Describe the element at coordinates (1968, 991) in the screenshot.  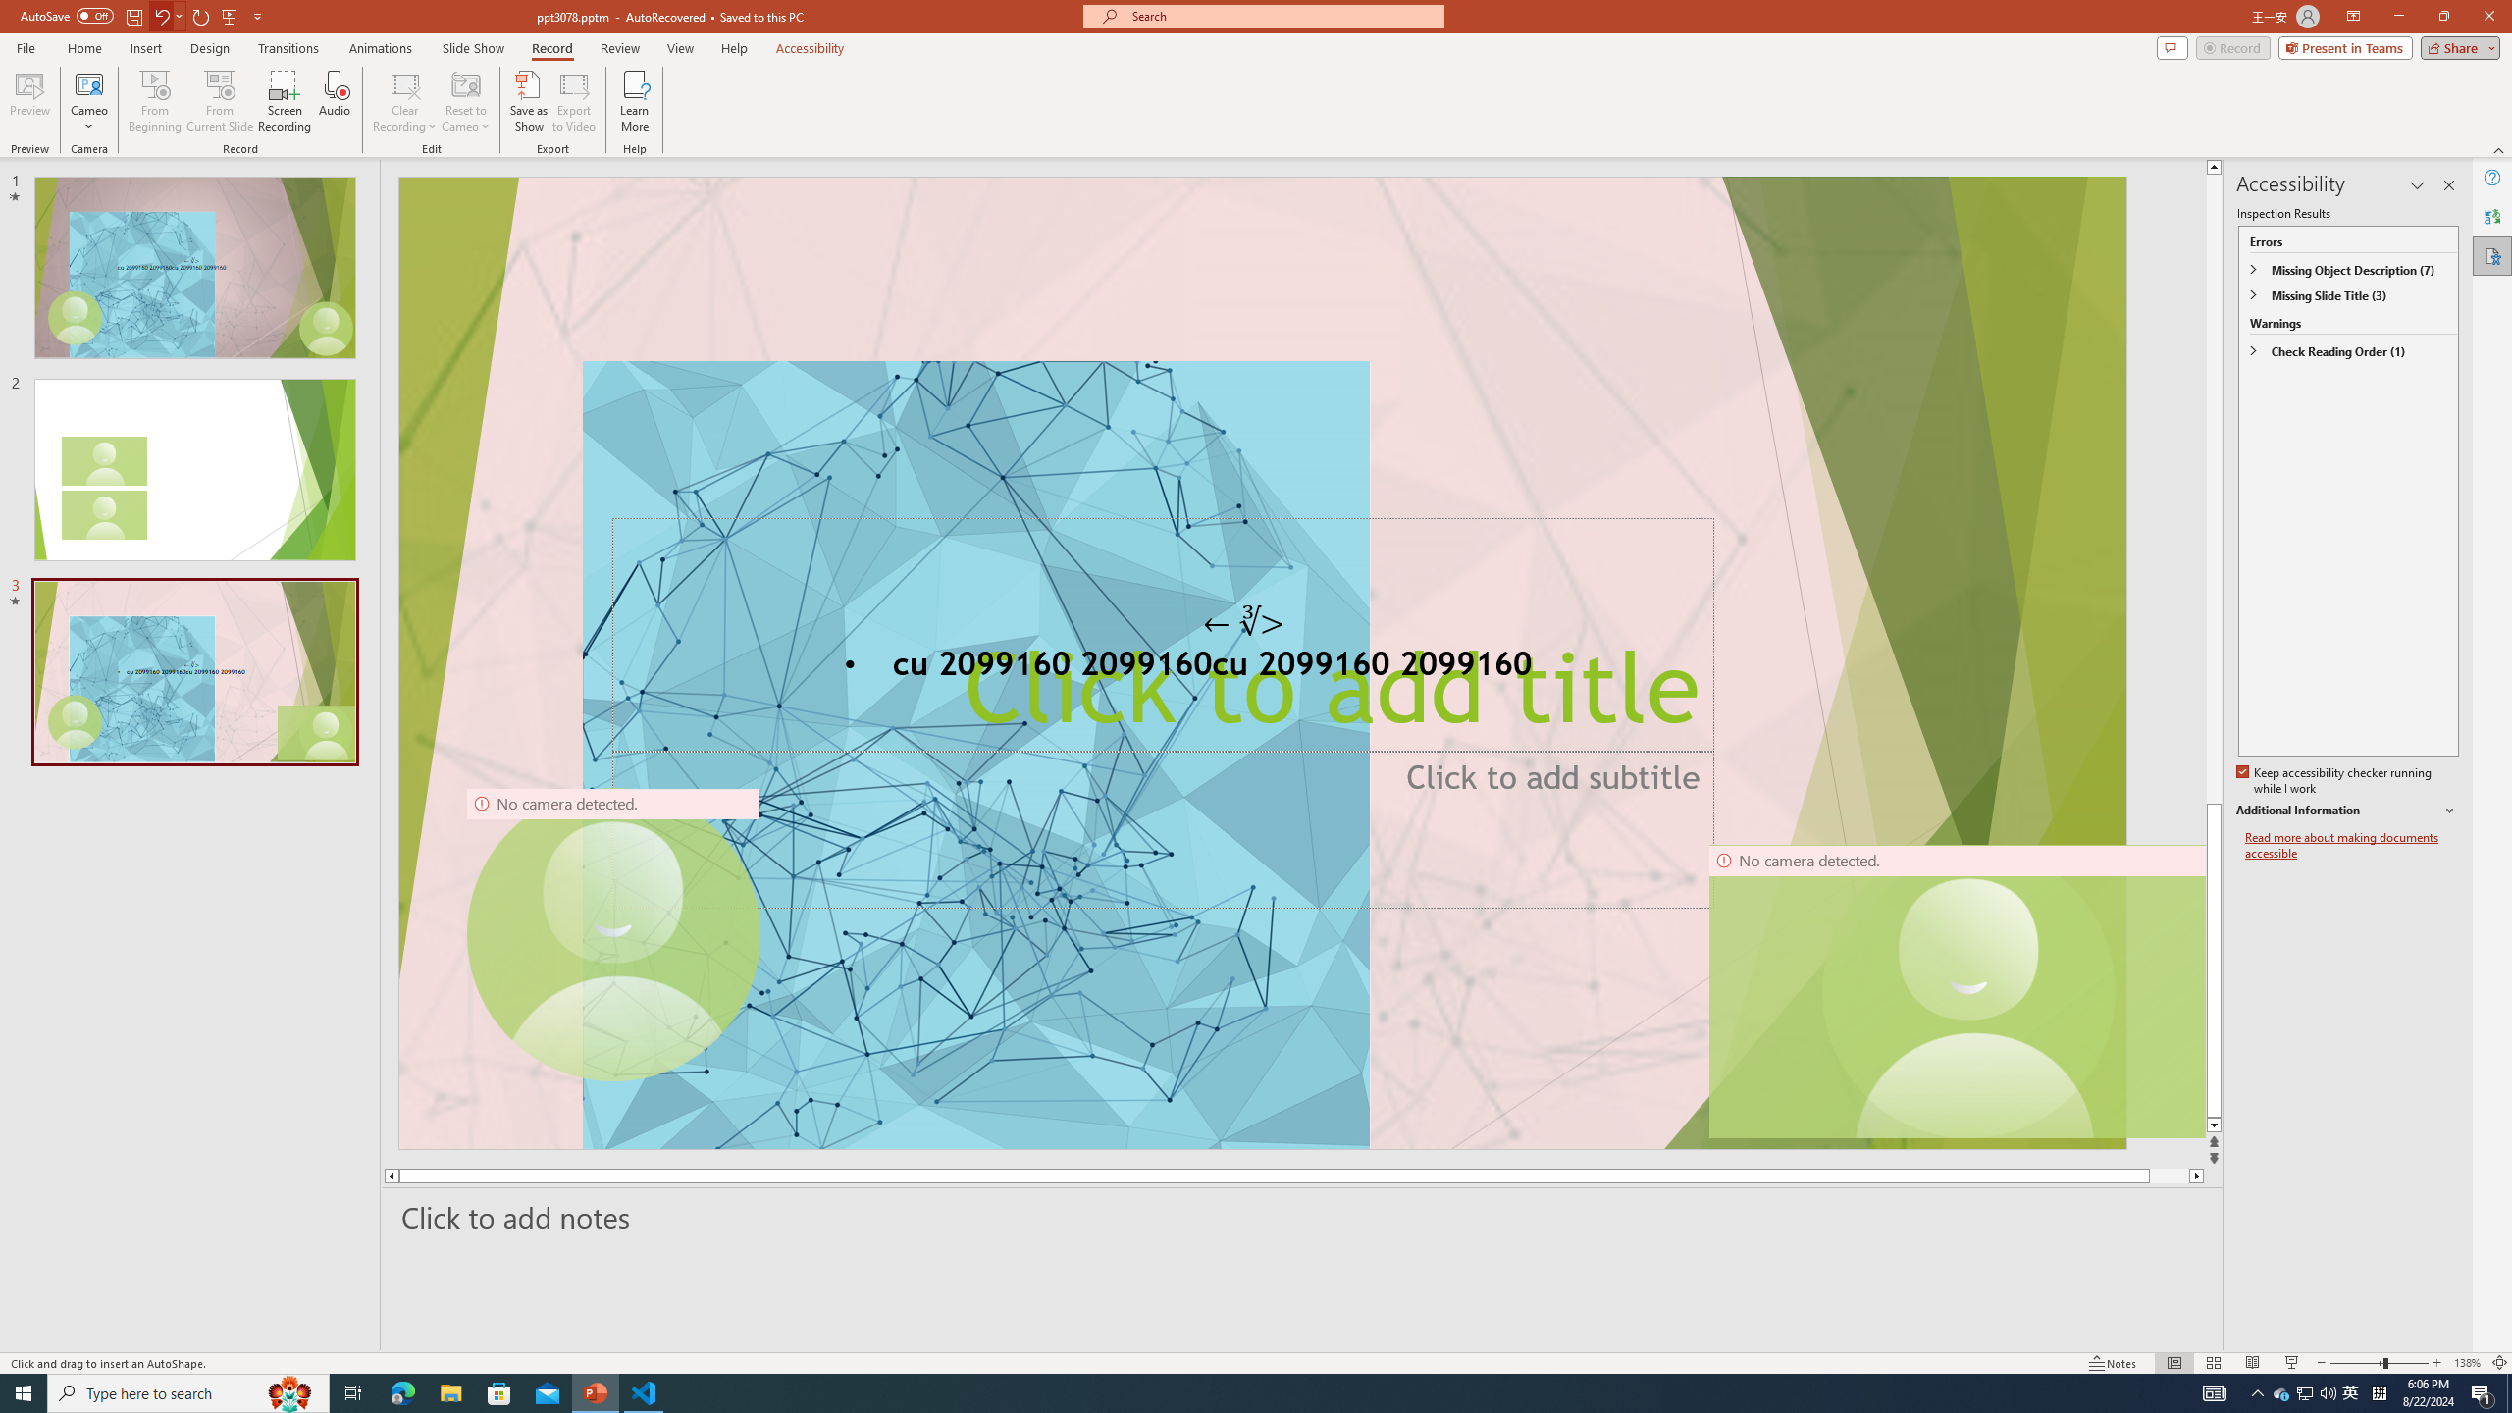
I see `'Camera 11, No camera detected.'` at that location.